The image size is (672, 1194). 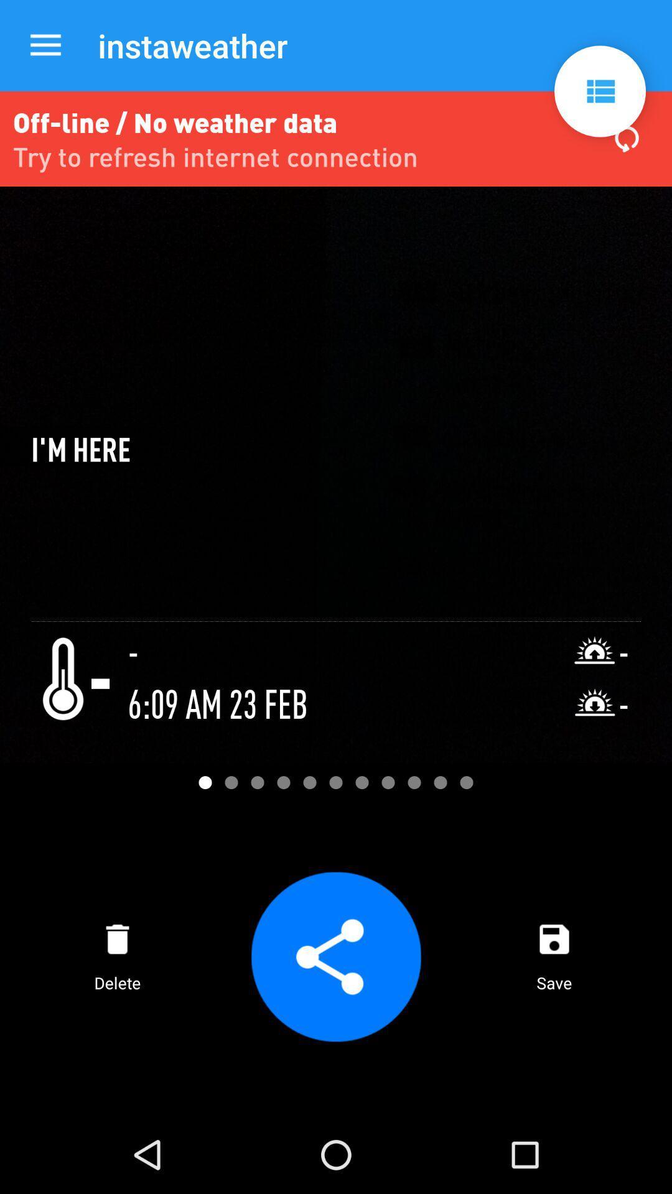 I want to click on the app next to instaweather icon, so click(x=45, y=45).